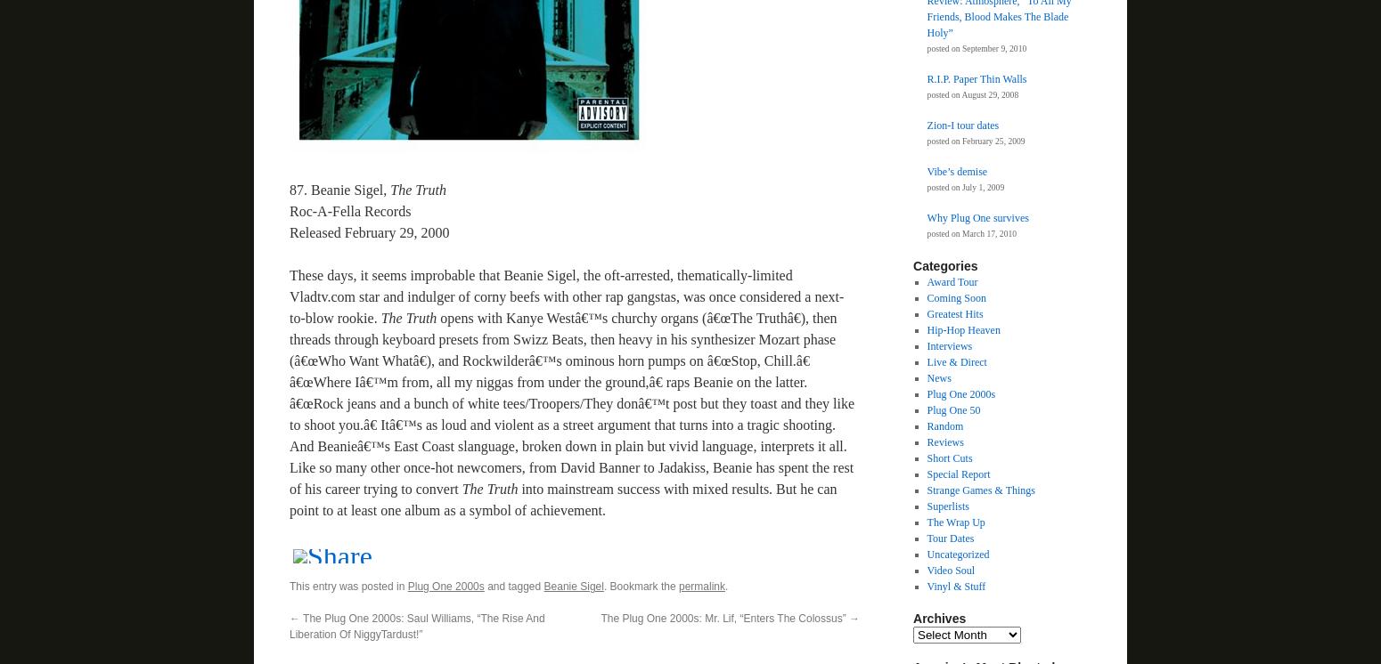  I want to click on 'Hip-Hop Heaven', so click(962, 328).